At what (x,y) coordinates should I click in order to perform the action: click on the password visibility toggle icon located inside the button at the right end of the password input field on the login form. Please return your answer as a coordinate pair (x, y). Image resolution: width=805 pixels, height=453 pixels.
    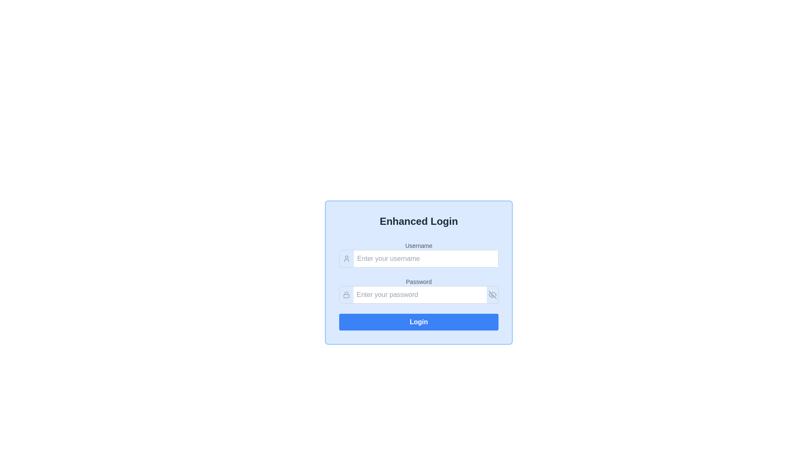
    Looking at the image, I should click on (492, 294).